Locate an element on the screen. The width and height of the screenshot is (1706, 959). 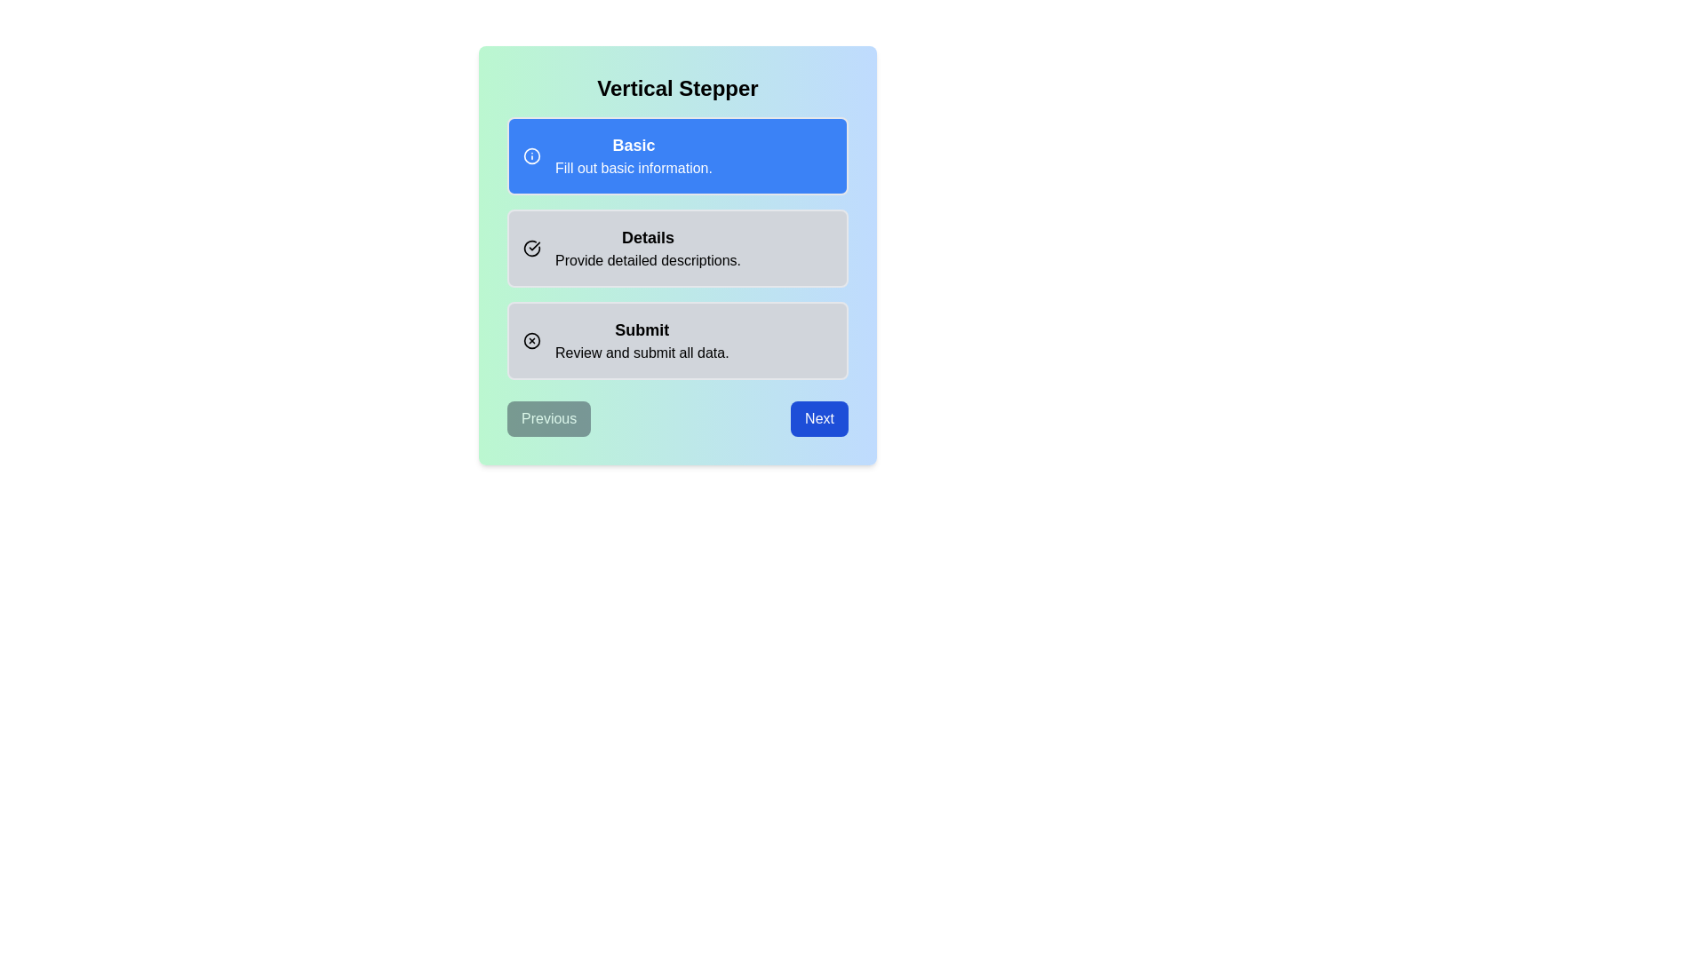
the navigation button to move to the Previous step is located at coordinates (548, 418).